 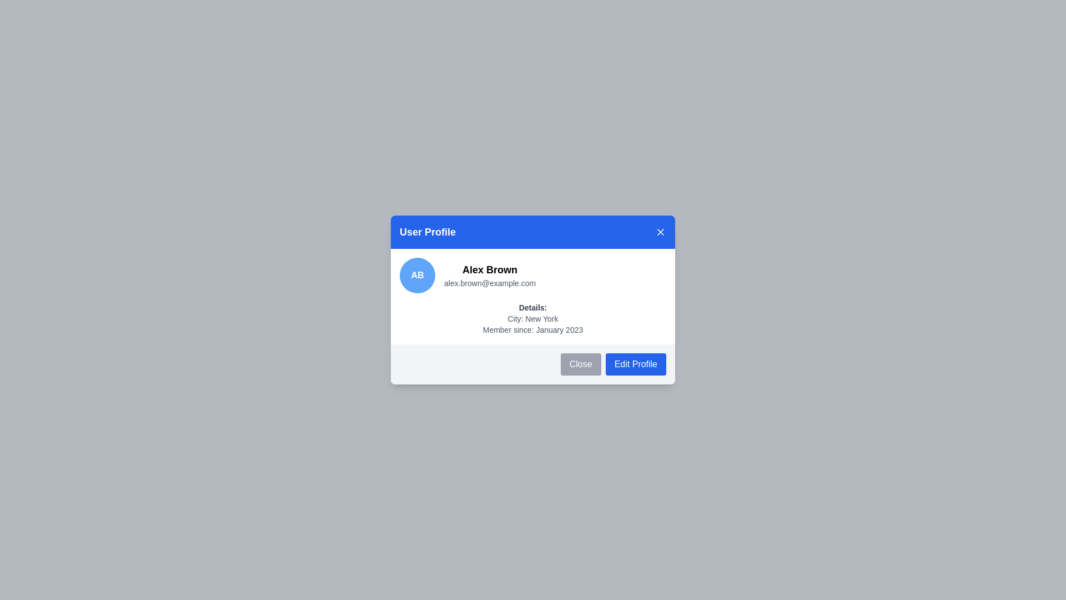 What do you see at coordinates (636, 364) in the screenshot?
I see `the 'Edit Profile' button located at the bottom-right corner of the user profile modal` at bounding box center [636, 364].